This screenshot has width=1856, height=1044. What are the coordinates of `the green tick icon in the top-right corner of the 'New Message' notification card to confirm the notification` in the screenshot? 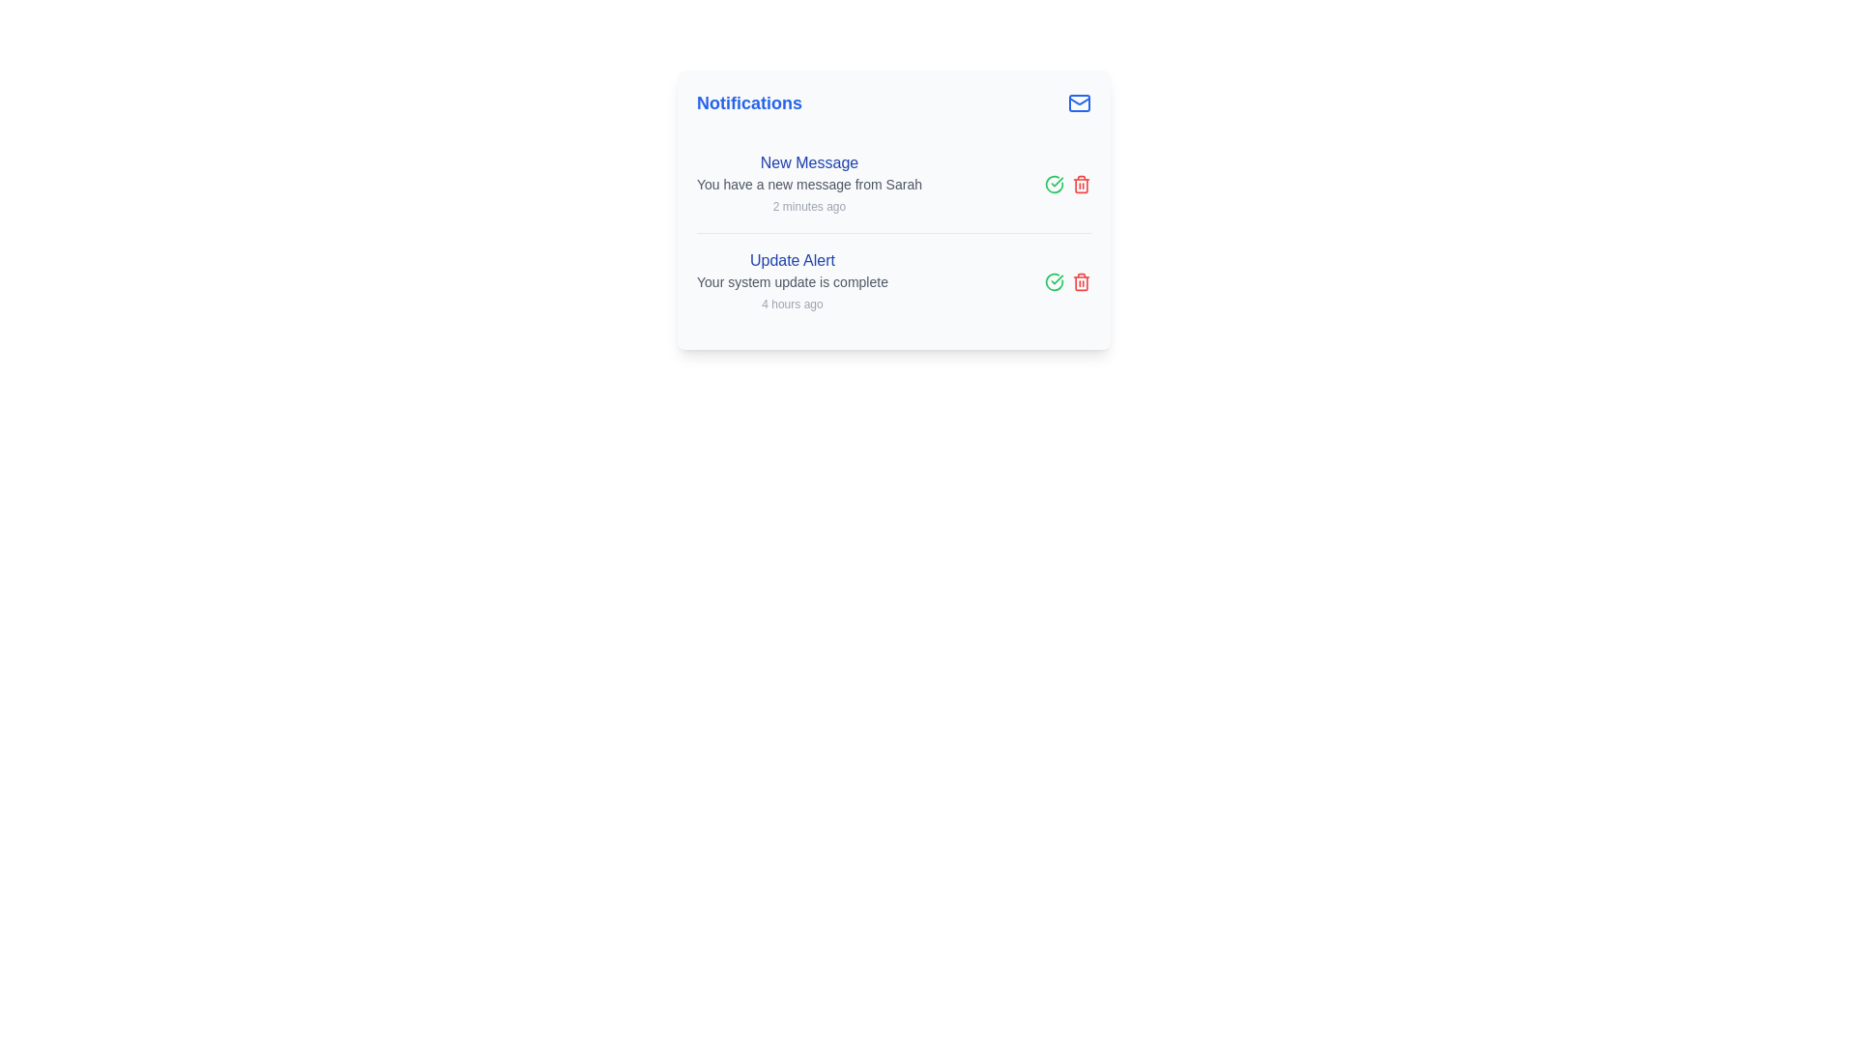 It's located at (1066, 185).